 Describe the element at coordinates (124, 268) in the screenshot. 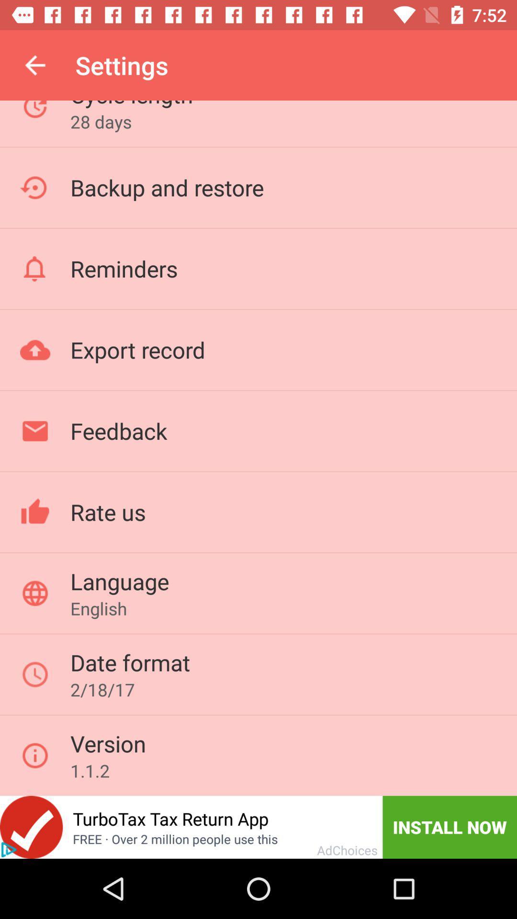

I see `icon below backup and restore` at that location.